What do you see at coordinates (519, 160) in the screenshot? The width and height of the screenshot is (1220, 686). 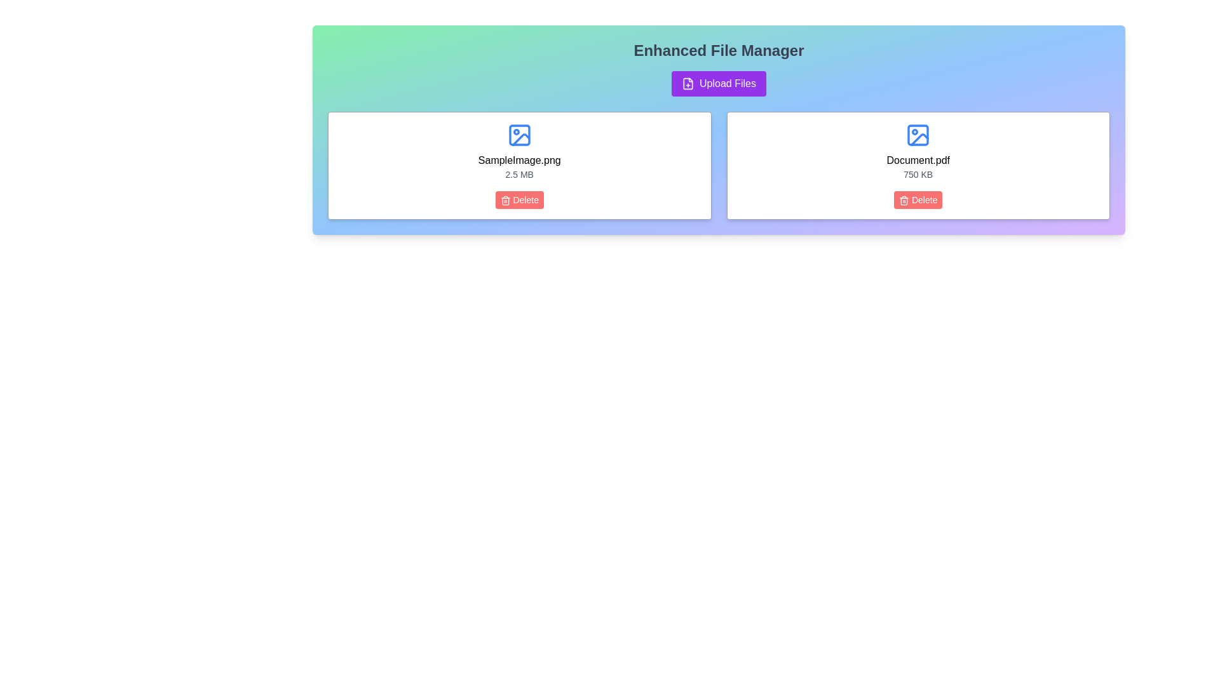 I see `text content of the label that displays 'SampleImage.png', which is styled with a medium font weight and is center-aligned within a file item card in the file manager interface` at bounding box center [519, 160].